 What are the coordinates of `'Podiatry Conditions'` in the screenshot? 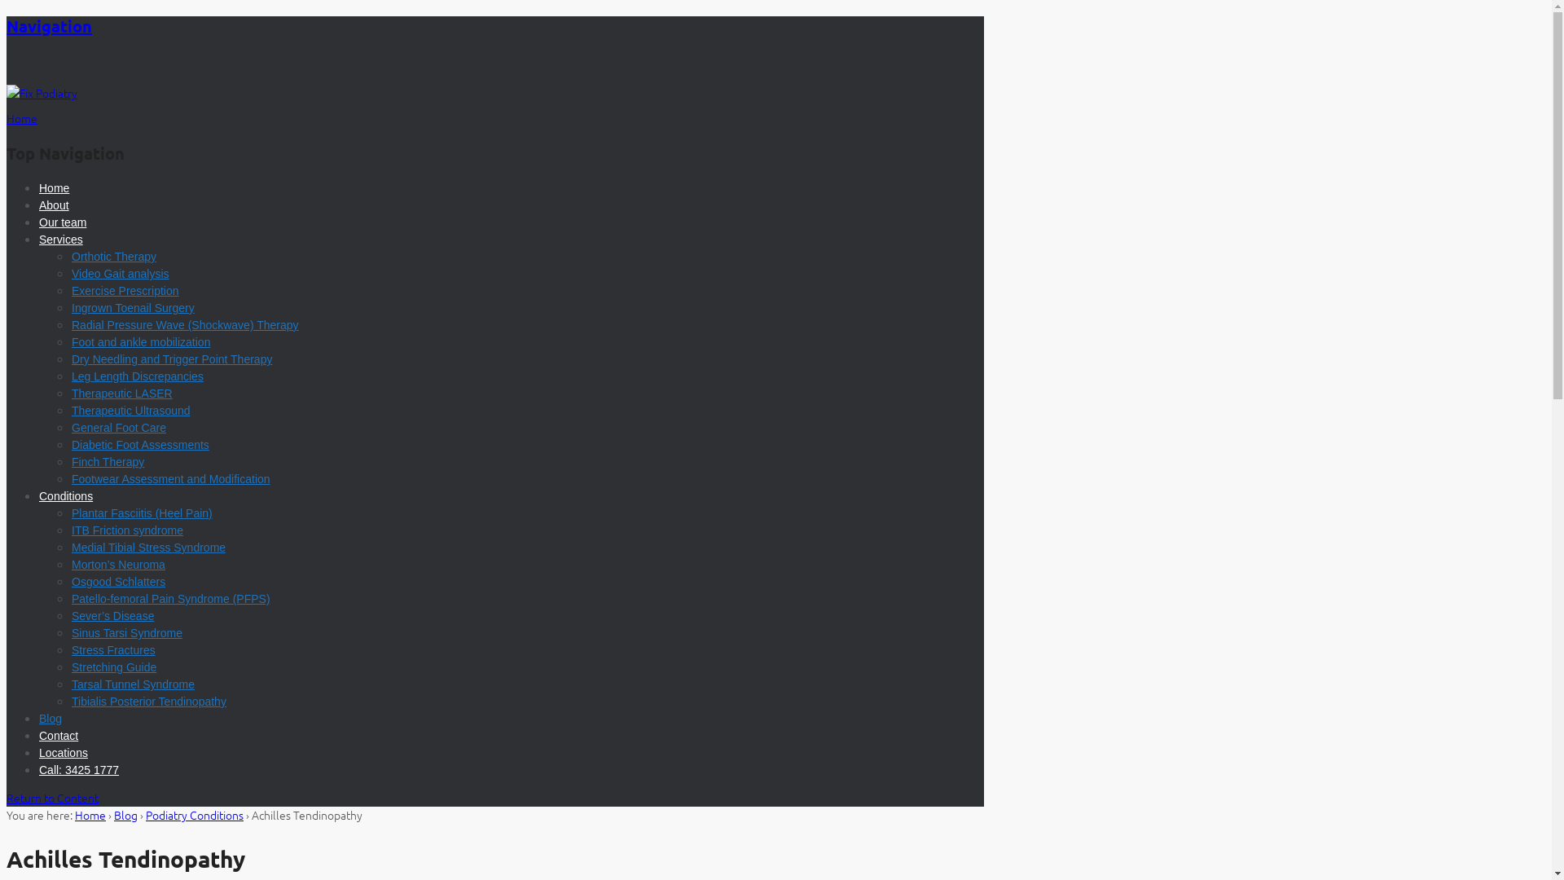 It's located at (195, 814).